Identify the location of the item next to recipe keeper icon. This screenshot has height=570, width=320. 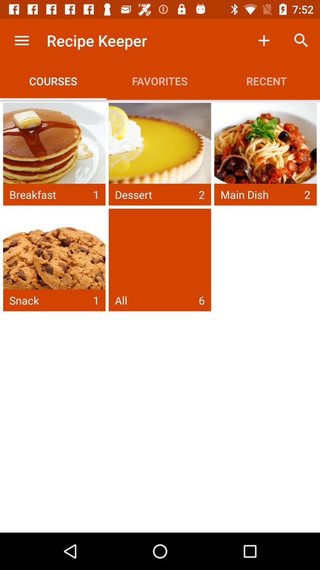
(21, 40).